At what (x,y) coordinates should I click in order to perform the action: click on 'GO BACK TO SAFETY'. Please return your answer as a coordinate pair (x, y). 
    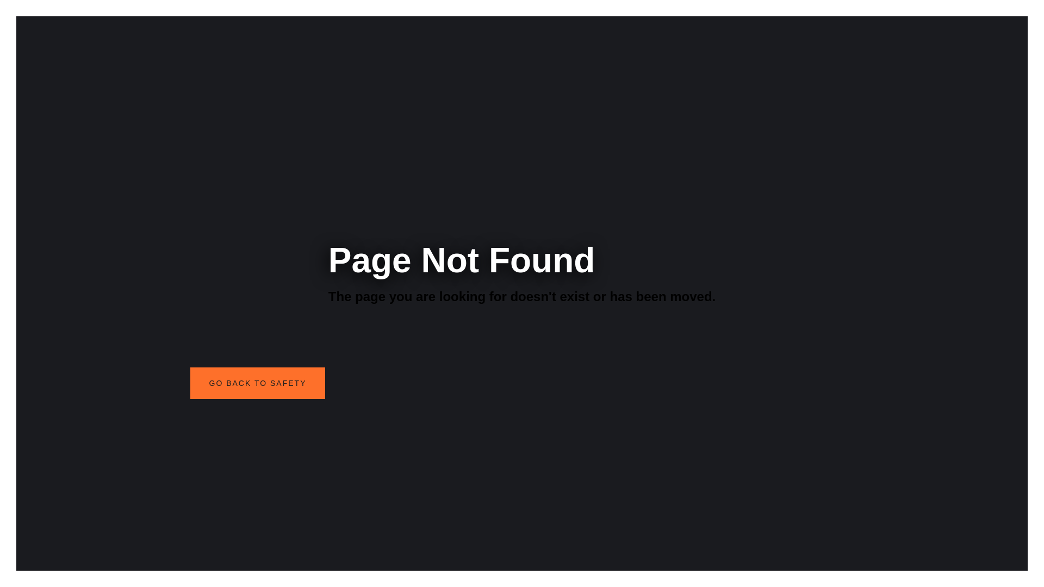
    Looking at the image, I should click on (257, 383).